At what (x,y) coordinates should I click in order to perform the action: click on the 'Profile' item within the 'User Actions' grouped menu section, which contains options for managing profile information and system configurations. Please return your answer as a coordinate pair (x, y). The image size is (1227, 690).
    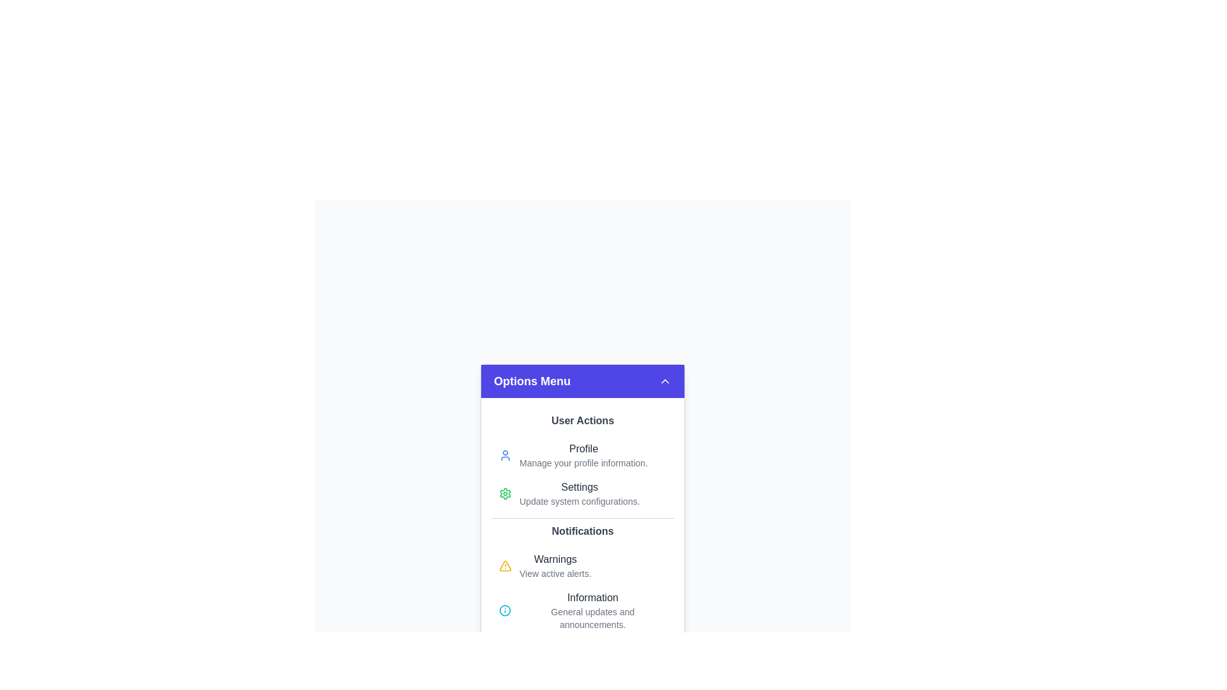
    Looking at the image, I should click on (582, 463).